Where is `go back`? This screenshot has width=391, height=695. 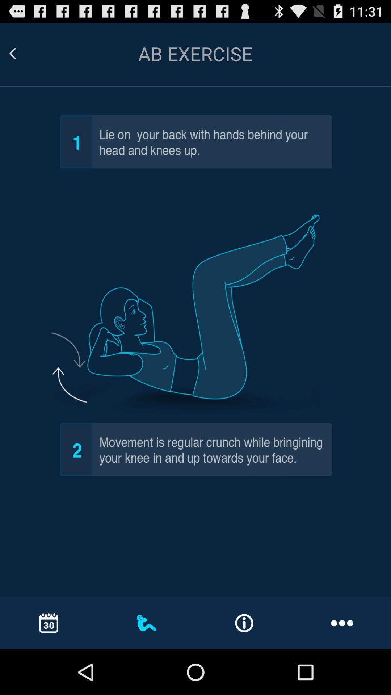
go back is located at coordinates (21, 53).